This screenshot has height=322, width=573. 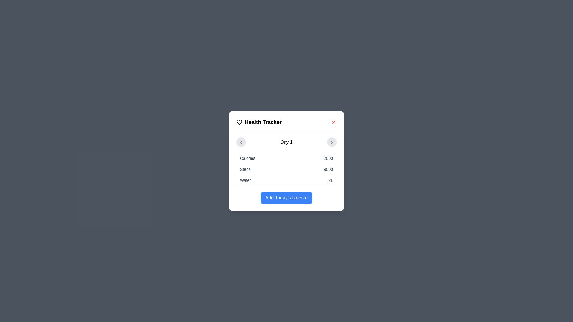 I want to click on the static text label that categorizes the user's step count in the health tracker interface, located to the left of the value '9000', so click(x=245, y=169).